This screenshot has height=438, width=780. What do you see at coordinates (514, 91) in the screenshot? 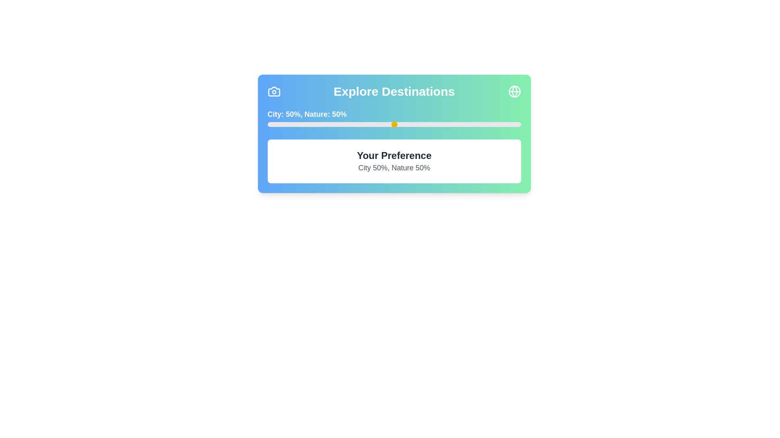
I see `the Globe icon in the TravelPreferenceSelector component` at bounding box center [514, 91].